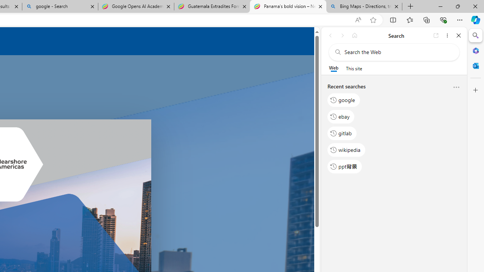  Describe the element at coordinates (457, 6) in the screenshot. I see `'Restore'` at that location.